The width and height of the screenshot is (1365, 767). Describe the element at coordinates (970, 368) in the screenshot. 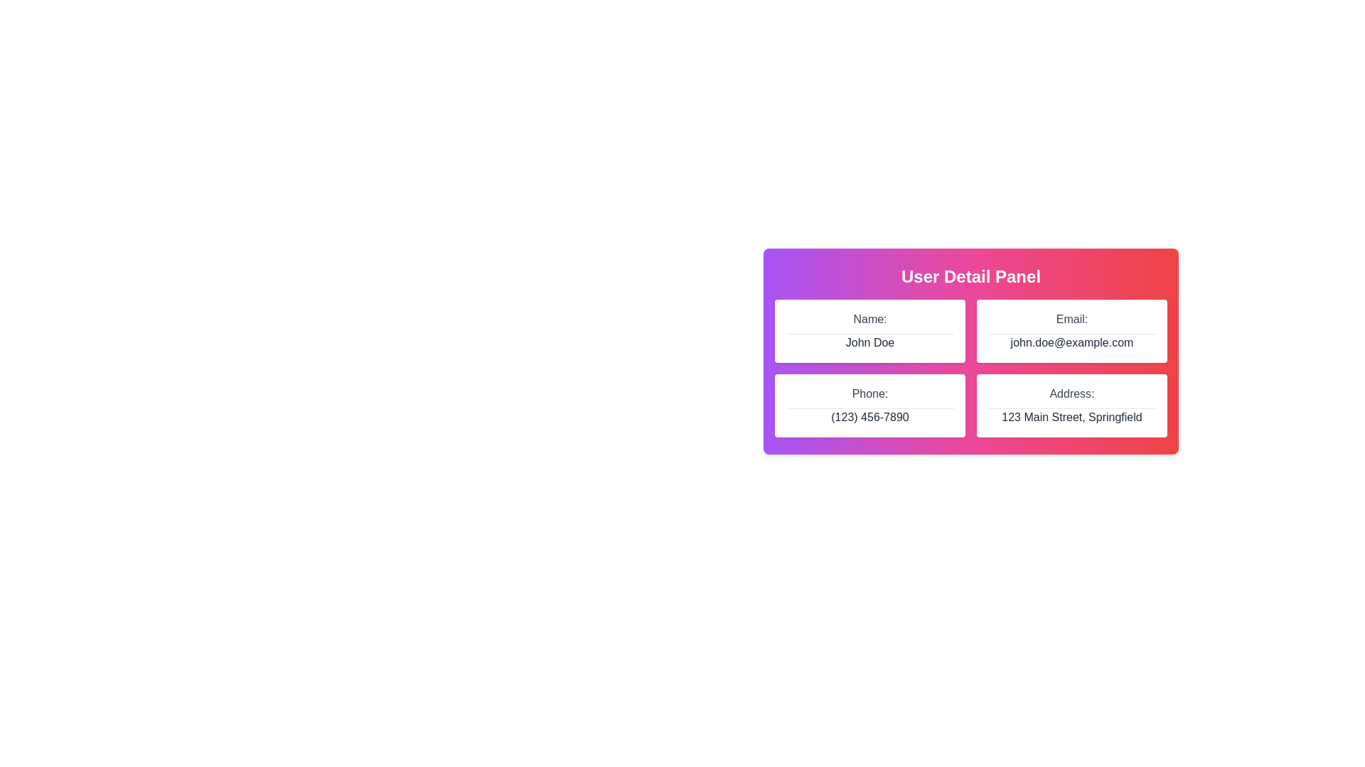

I see `the grid layout containing user details such as Name, Email, Phone, and Address, which is located under the 'User Detail Panel' title` at that location.